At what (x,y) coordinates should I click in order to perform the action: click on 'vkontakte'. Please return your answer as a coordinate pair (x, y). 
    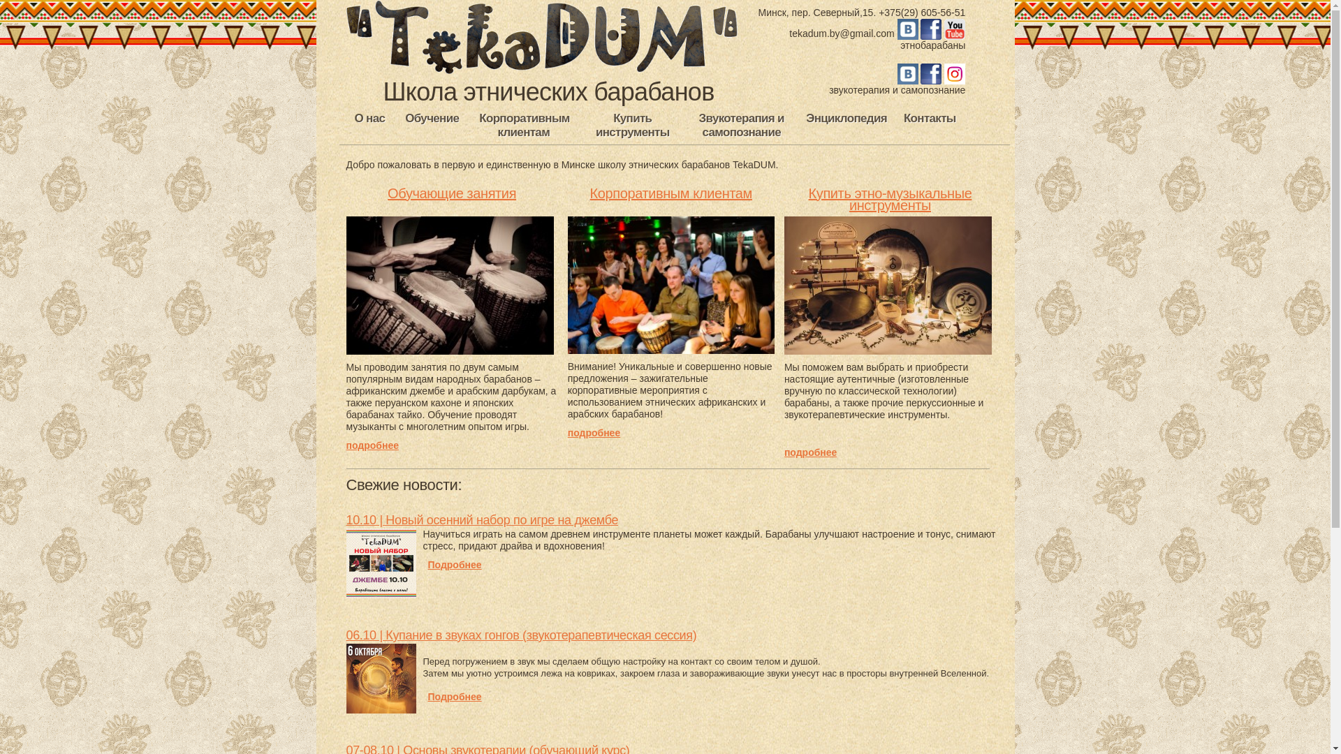
    Looking at the image, I should click on (908, 32).